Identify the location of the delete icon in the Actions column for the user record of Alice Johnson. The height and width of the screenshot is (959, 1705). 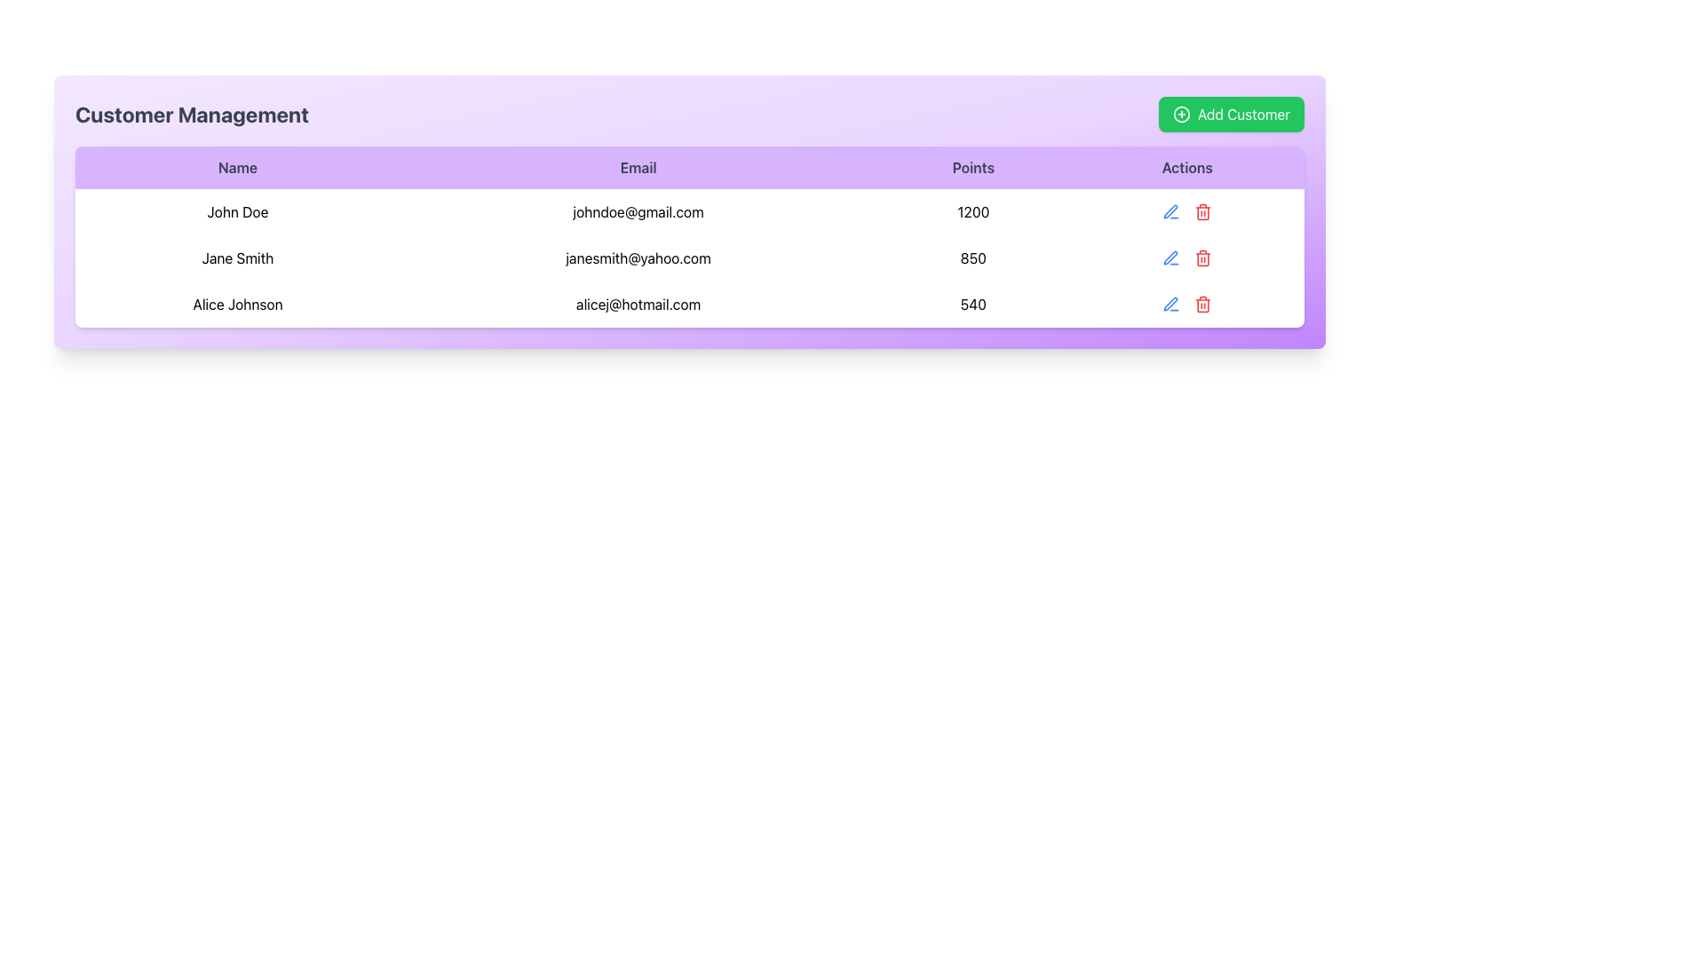
(1187, 304).